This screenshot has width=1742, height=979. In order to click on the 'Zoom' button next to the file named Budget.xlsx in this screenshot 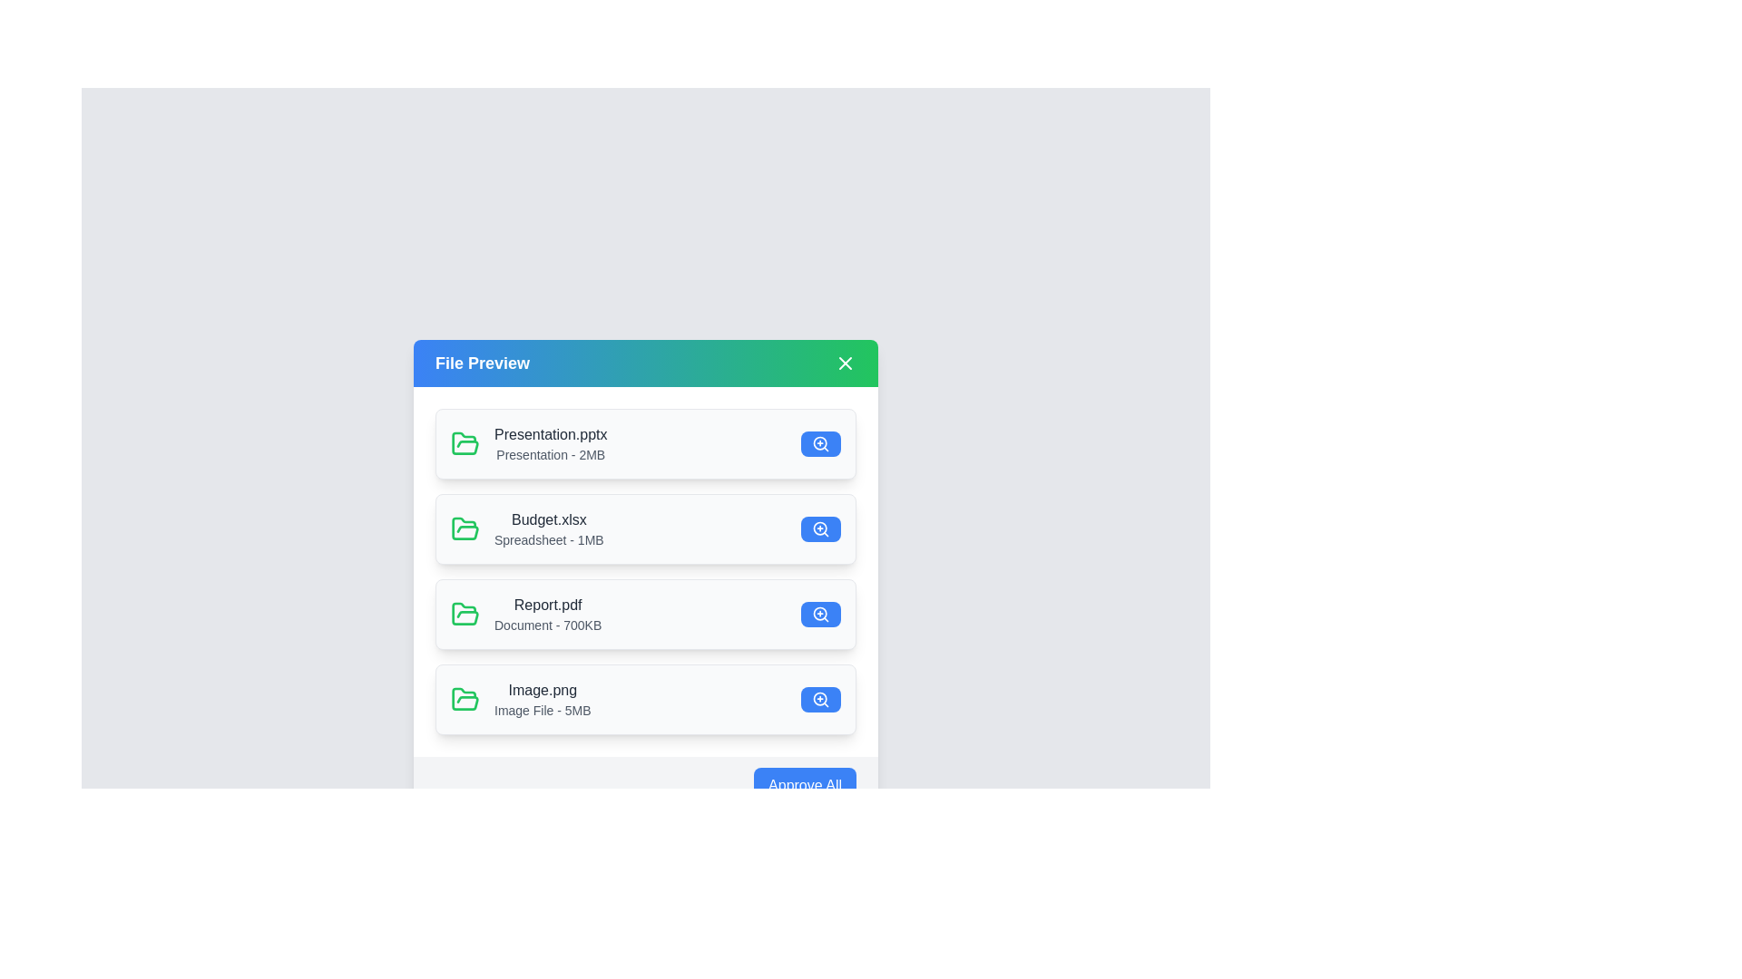, I will do `click(820, 528)`.